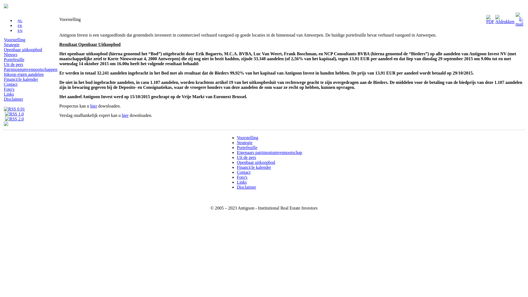 This screenshot has width=528, height=297. Describe the element at coordinates (519, 18) in the screenshot. I see `'E-mail'` at that location.